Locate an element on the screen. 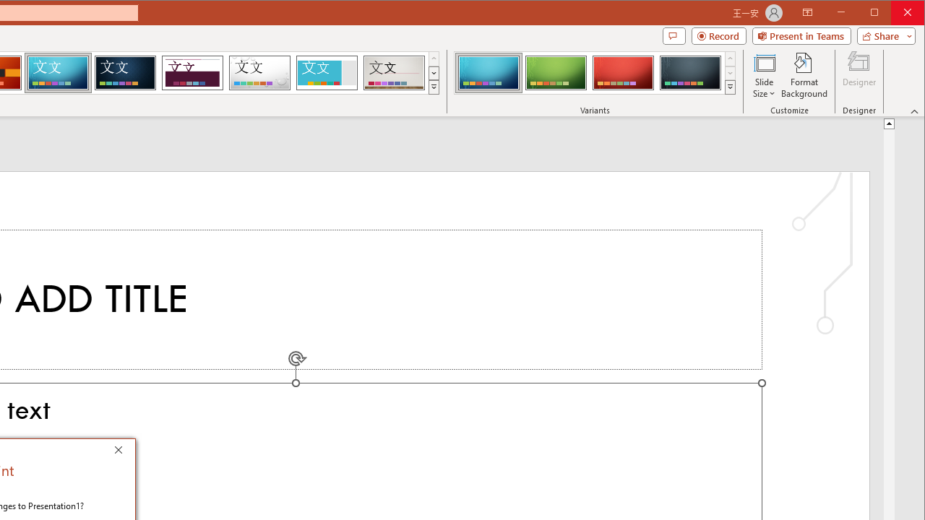 The image size is (925, 520). 'Format Background' is located at coordinates (804, 75).